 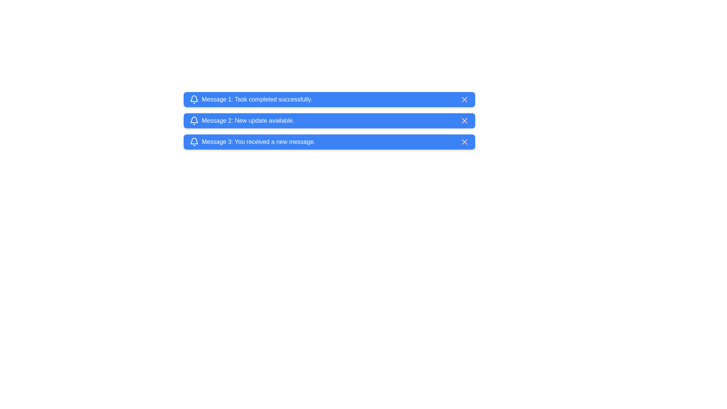 What do you see at coordinates (194, 142) in the screenshot?
I see `the bell icon located to the left of the notification text in the third message labeled 'Message 3: You received a new message.'` at bounding box center [194, 142].